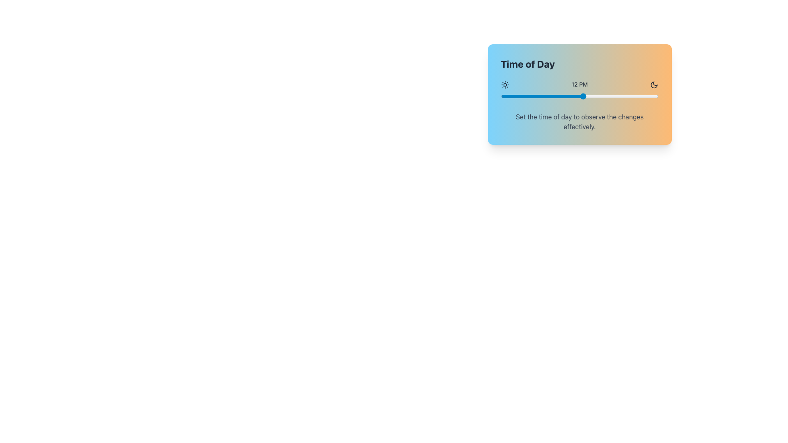 The height and width of the screenshot is (443, 788). What do you see at coordinates (562, 96) in the screenshot?
I see `time of day` at bounding box center [562, 96].